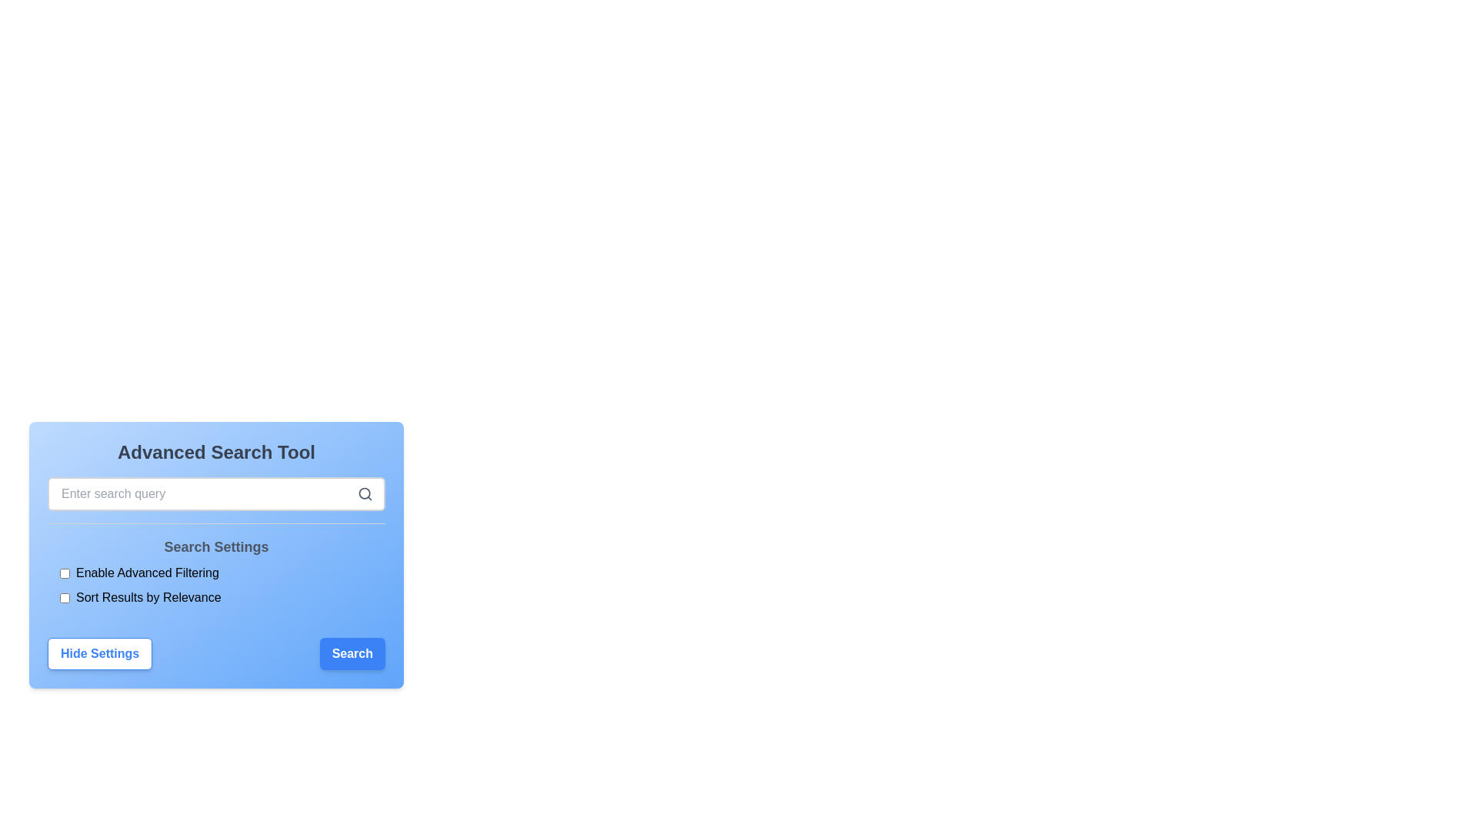 The height and width of the screenshot is (830, 1477). I want to click on the leftmost button in the horizontal row, so click(99, 654).